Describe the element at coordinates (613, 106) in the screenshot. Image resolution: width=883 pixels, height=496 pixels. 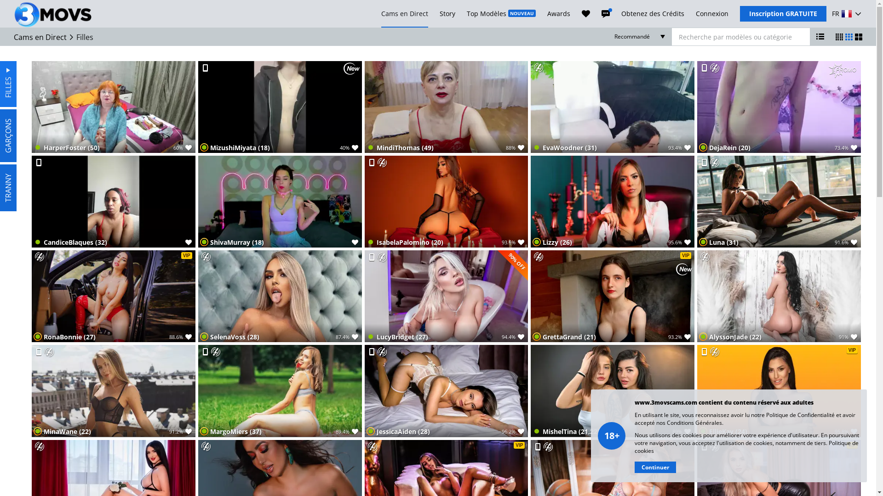
I see `'EvaWoodner (31)` at that location.